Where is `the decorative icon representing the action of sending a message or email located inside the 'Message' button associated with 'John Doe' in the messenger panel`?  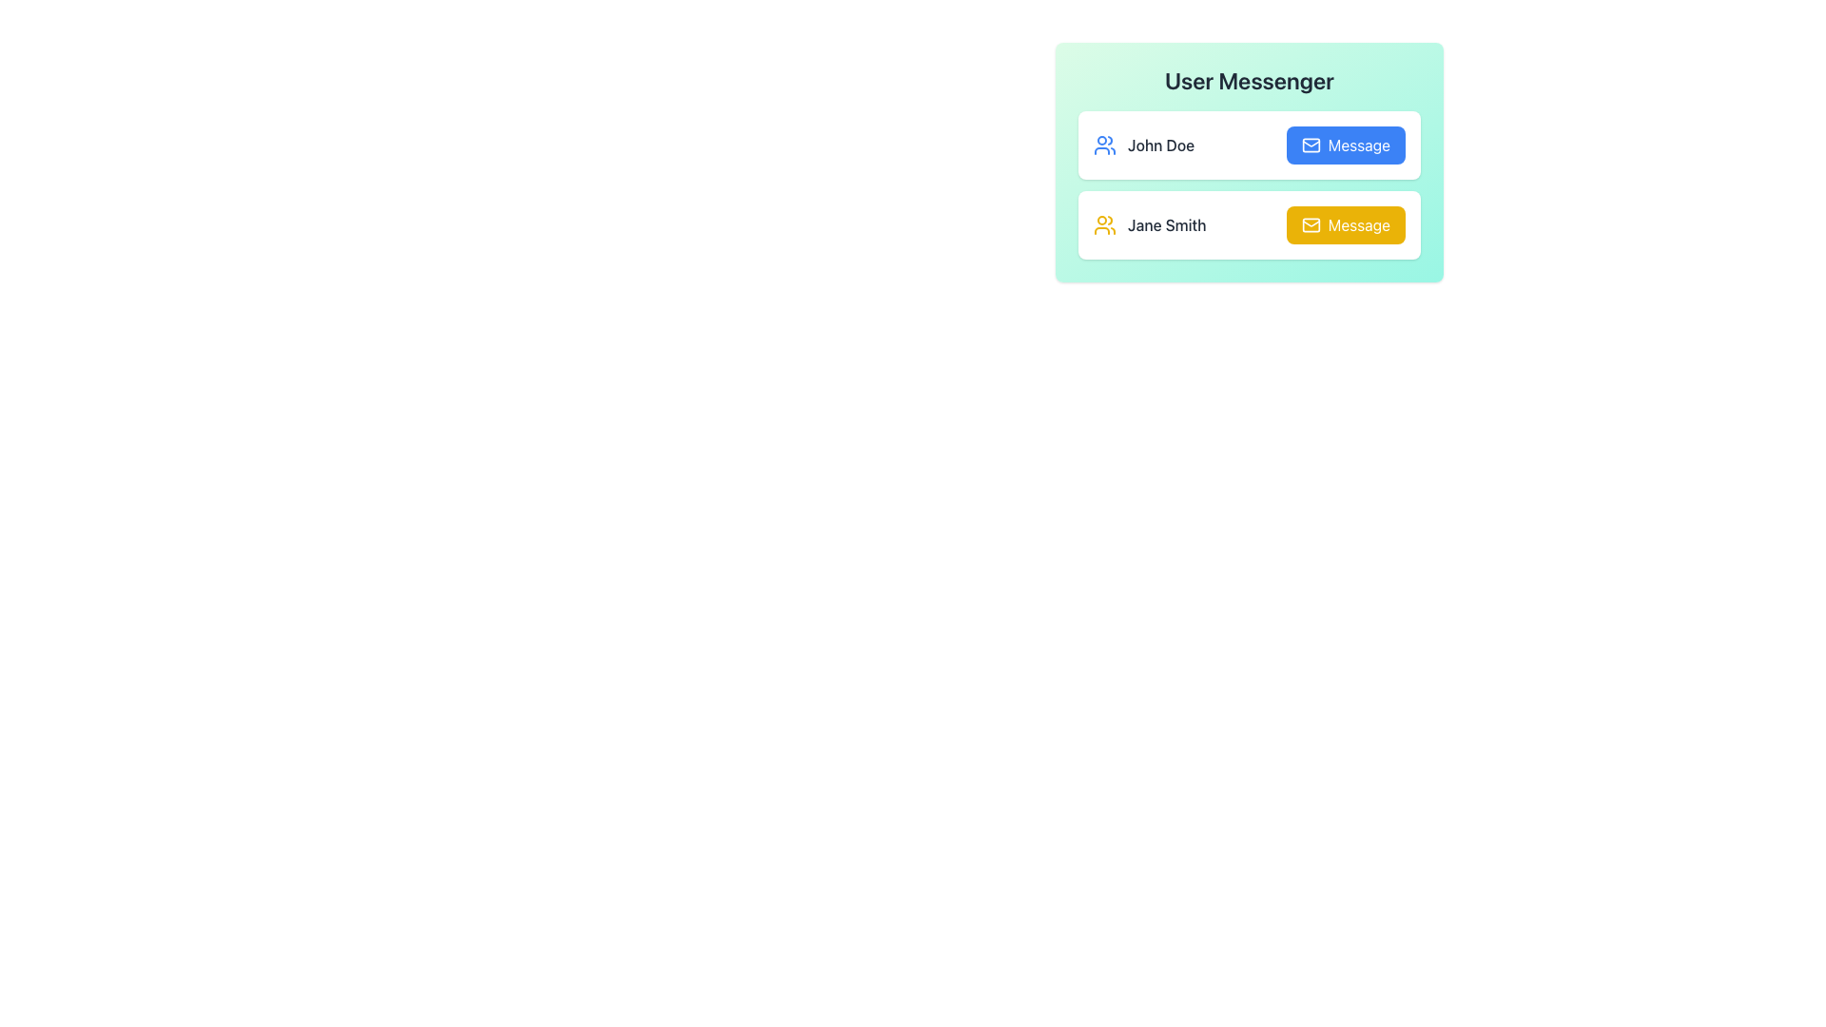
the decorative icon representing the action of sending a message or email located inside the 'Message' button associated with 'John Doe' in the messenger panel is located at coordinates (1310, 145).